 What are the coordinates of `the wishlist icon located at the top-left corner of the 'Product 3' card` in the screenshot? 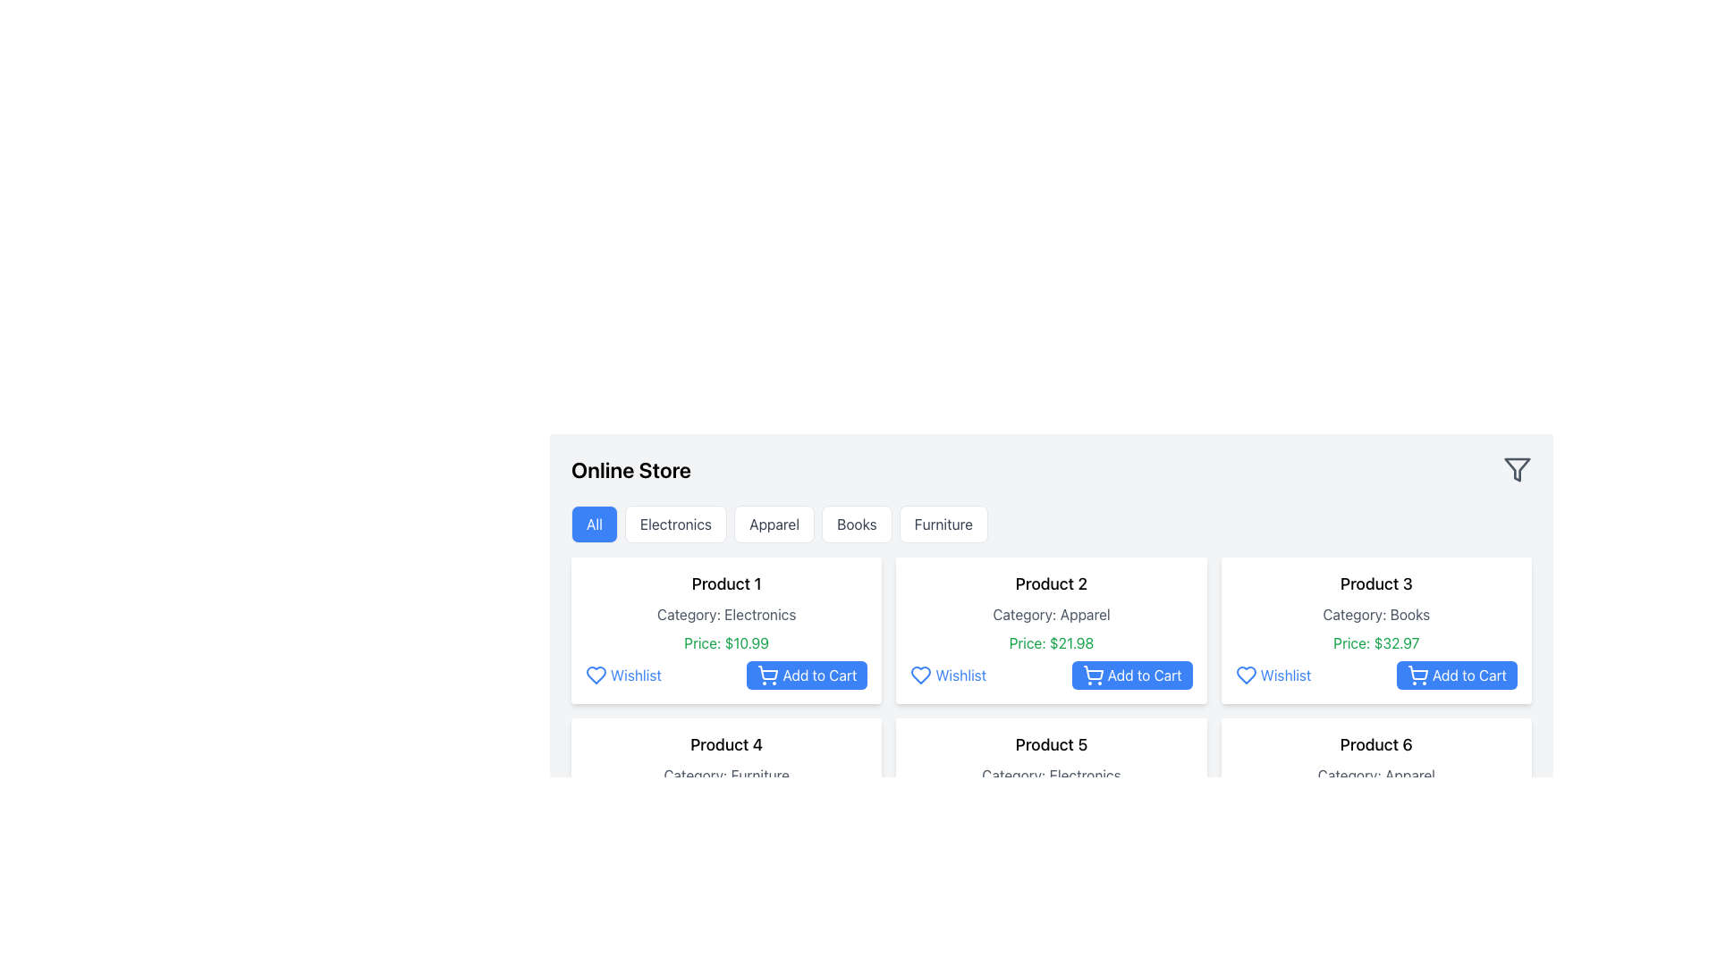 It's located at (1245, 675).